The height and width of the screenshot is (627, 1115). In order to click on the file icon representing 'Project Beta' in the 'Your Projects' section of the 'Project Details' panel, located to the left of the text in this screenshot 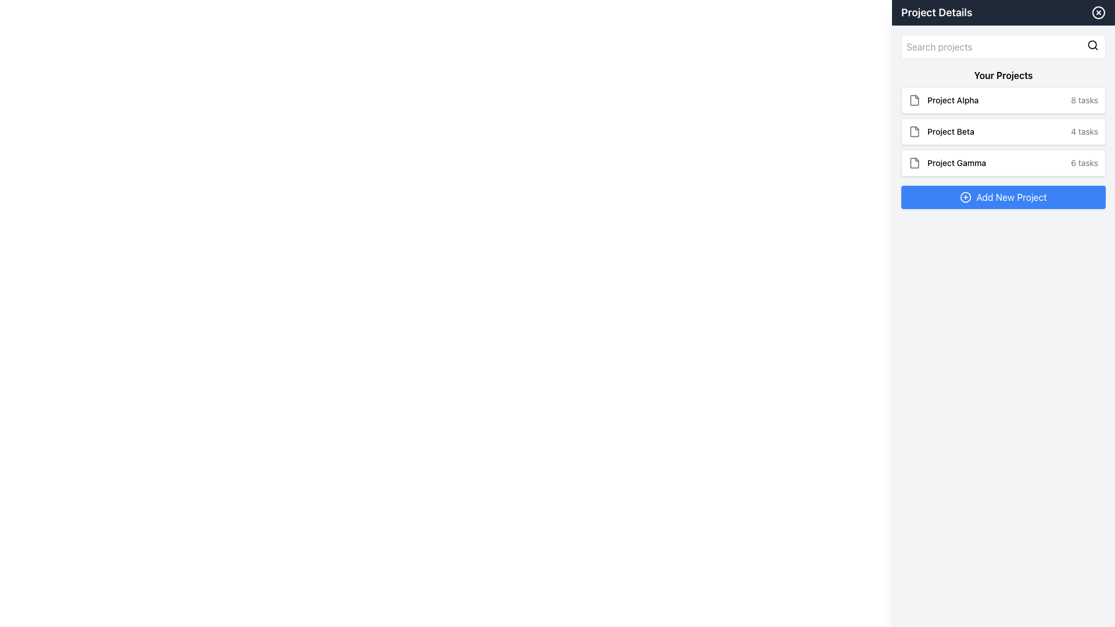, I will do `click(913, 131)`.